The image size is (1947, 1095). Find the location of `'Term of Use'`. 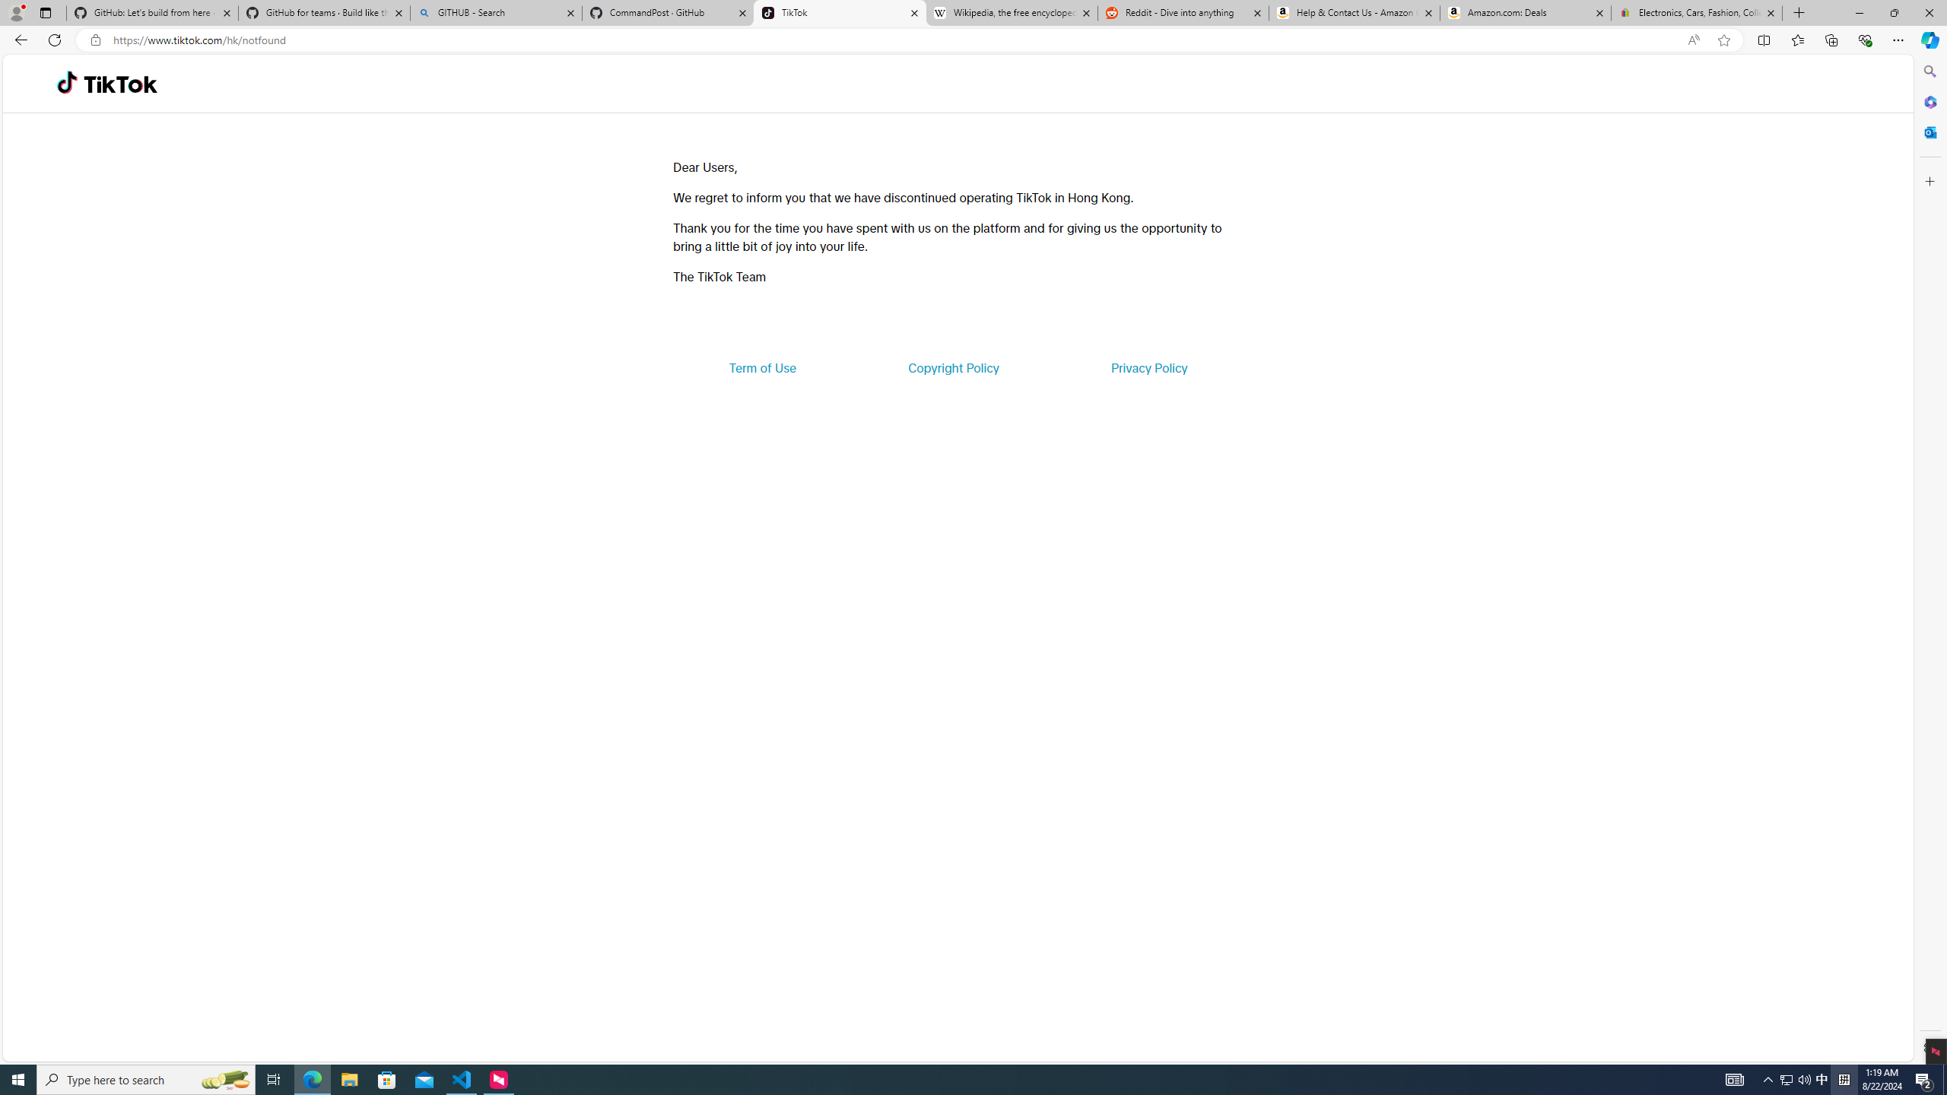

'Term of Use' is located at coordinates (762, 367).